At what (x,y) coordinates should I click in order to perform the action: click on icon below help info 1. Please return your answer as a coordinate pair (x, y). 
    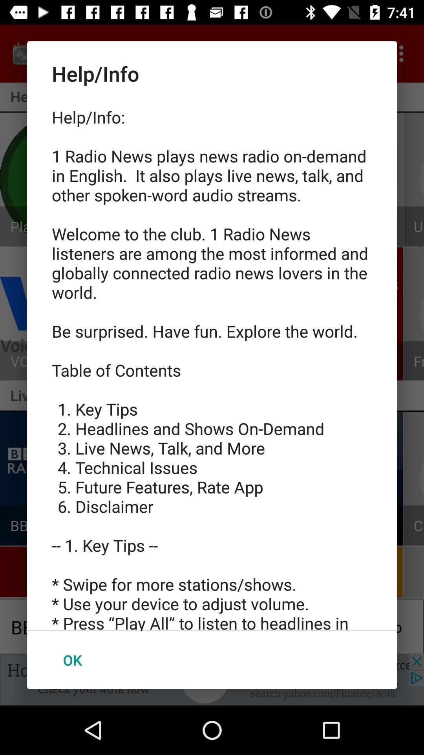
    Looking at the image, I should click on (72, 660).